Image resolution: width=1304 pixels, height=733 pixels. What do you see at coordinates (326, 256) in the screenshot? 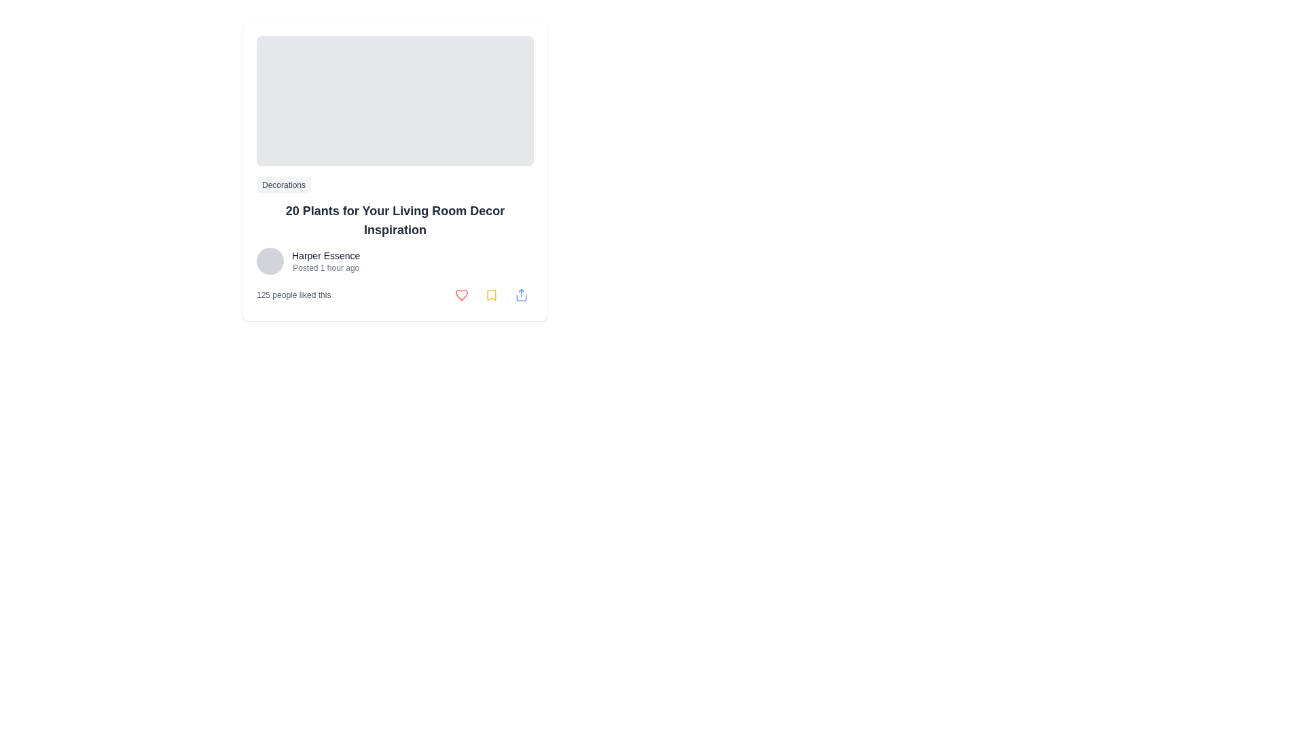
I see `the Text Label displaying the author's name, located at the center-bottom of the user interface card, adjacent to the circular avatar image` at bounding box center [326, 256].